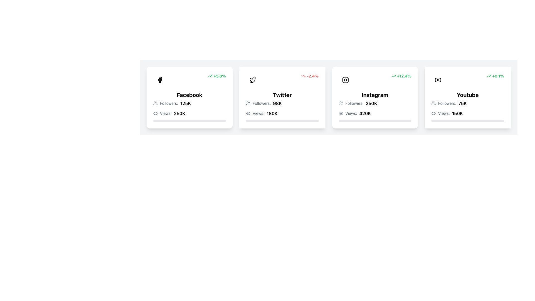 Image resolution: width=535 pixels, height=301 pixels. I want to click on the static text label reading 'Followers:' which is styled in gray and positioned next to a user icon and before the bold number '125K' in the social media analytics section, so click(169, 103).